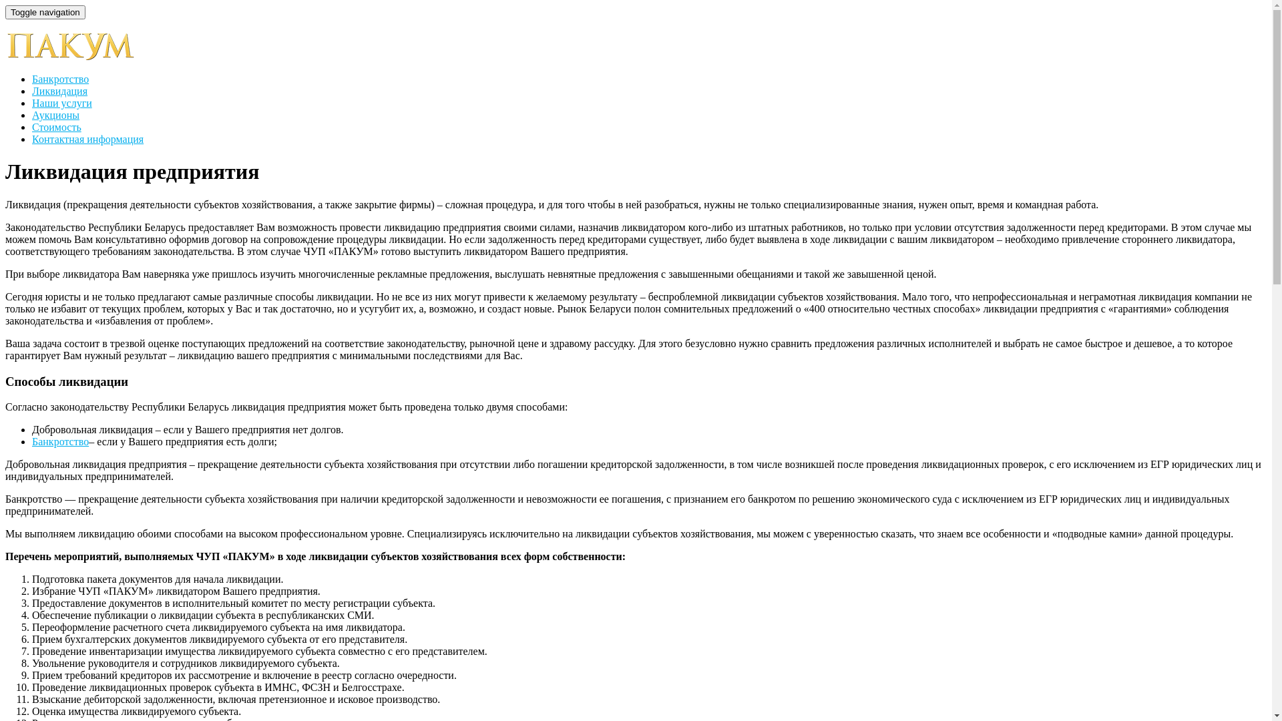  Describe the element at coordinates (45, 12) in the screenshot. I see `'Toggle navigation'` at that location.